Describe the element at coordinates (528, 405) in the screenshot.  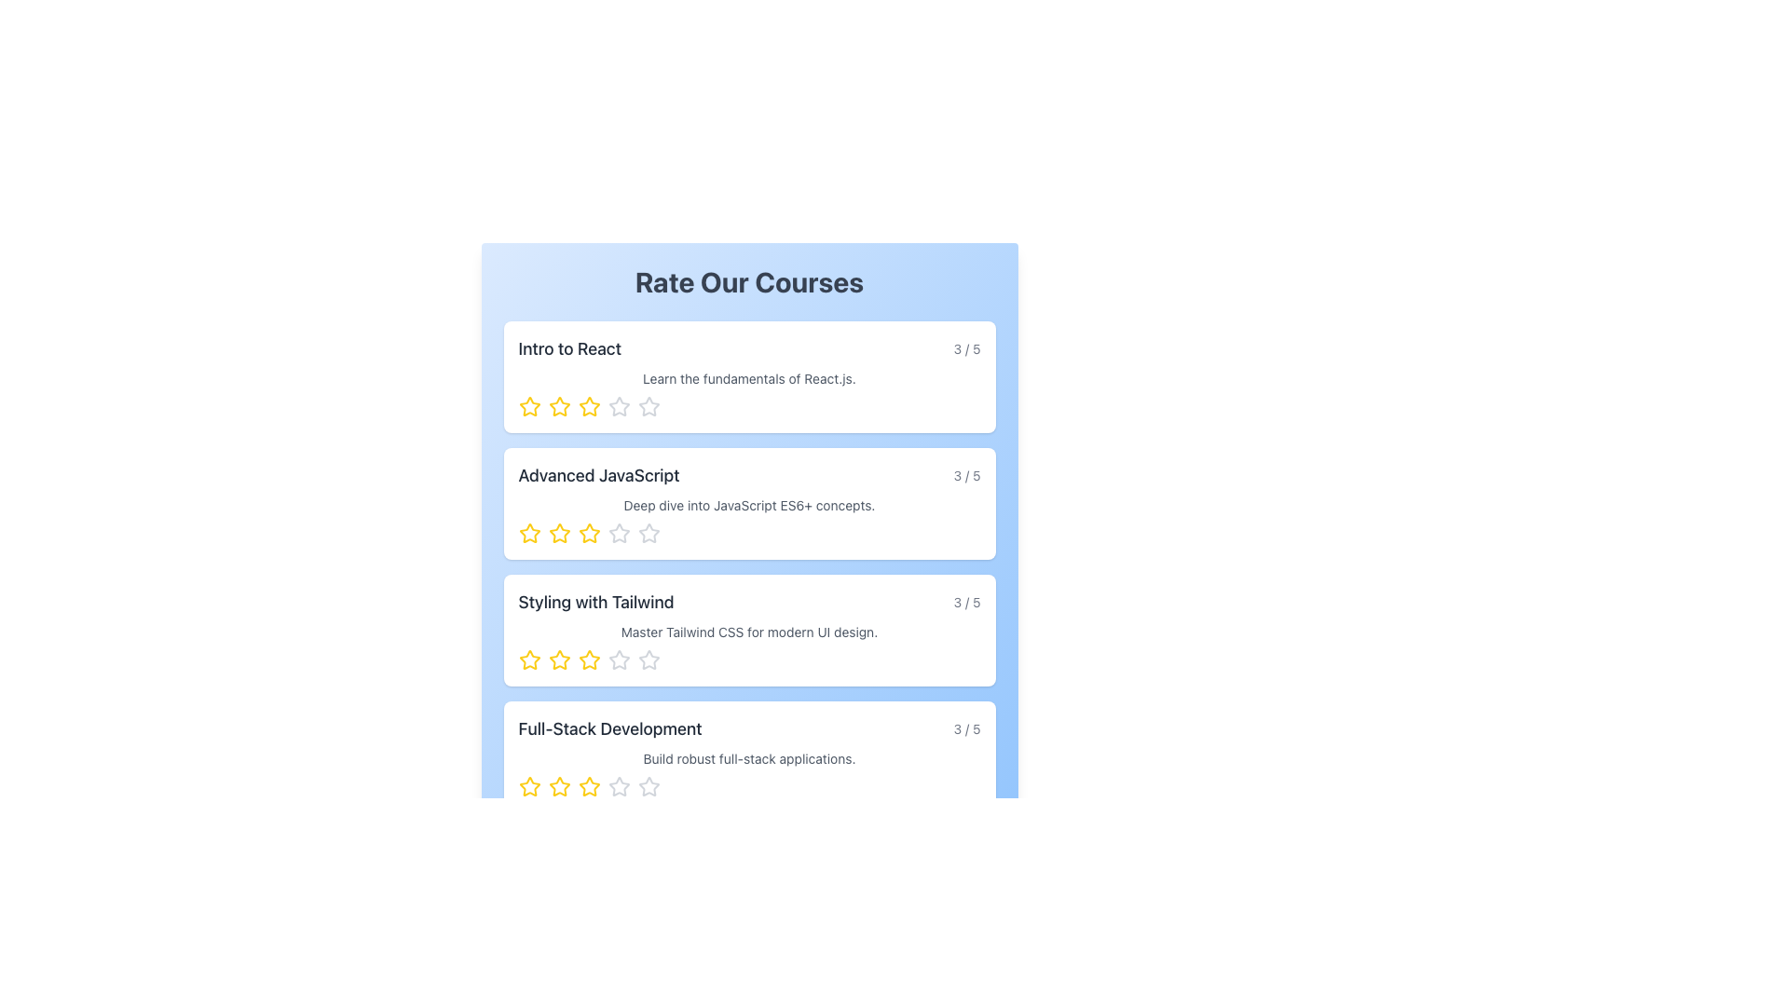
I see `the first star in the rating control for the 'Intro to React' course` at that location.